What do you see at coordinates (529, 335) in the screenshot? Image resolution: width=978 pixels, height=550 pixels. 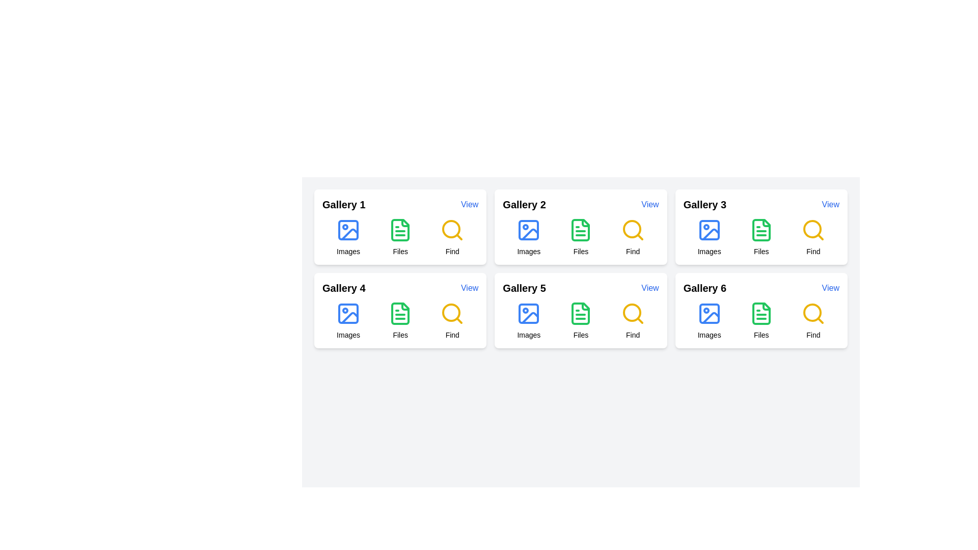 I see `the static text label that reads 'Images', which is located beneath the blue image icon within the 'Gallery 5' card` at bounding box center [529, 335].